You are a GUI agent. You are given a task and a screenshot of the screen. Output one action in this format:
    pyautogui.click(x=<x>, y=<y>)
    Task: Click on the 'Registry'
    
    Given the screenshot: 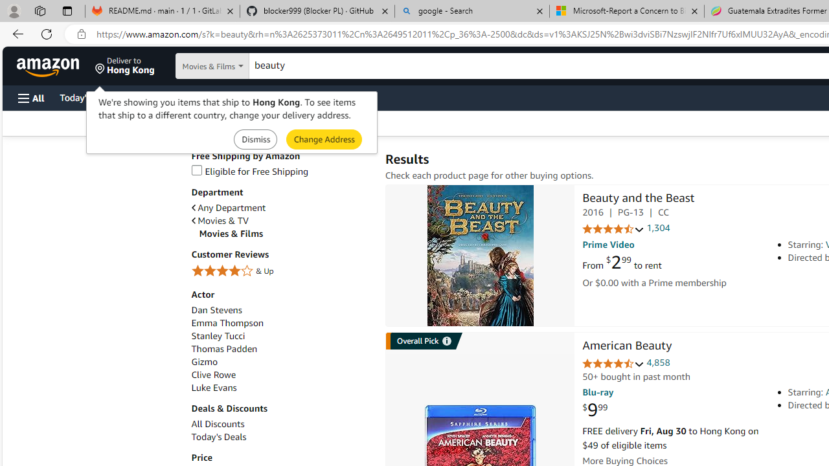 What is the action you would take?
    pyautogui.click(x=233, y=96)
    